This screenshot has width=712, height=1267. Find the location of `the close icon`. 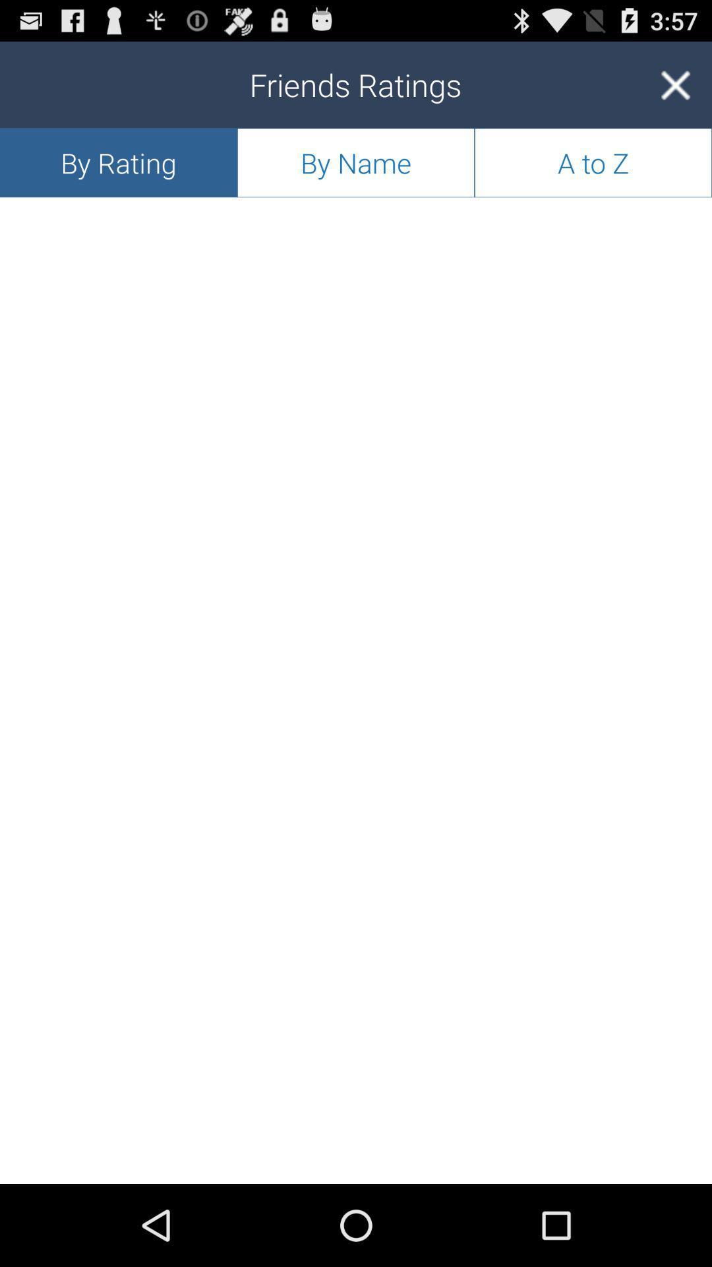

the close icon is located at coordinates (675, 90).